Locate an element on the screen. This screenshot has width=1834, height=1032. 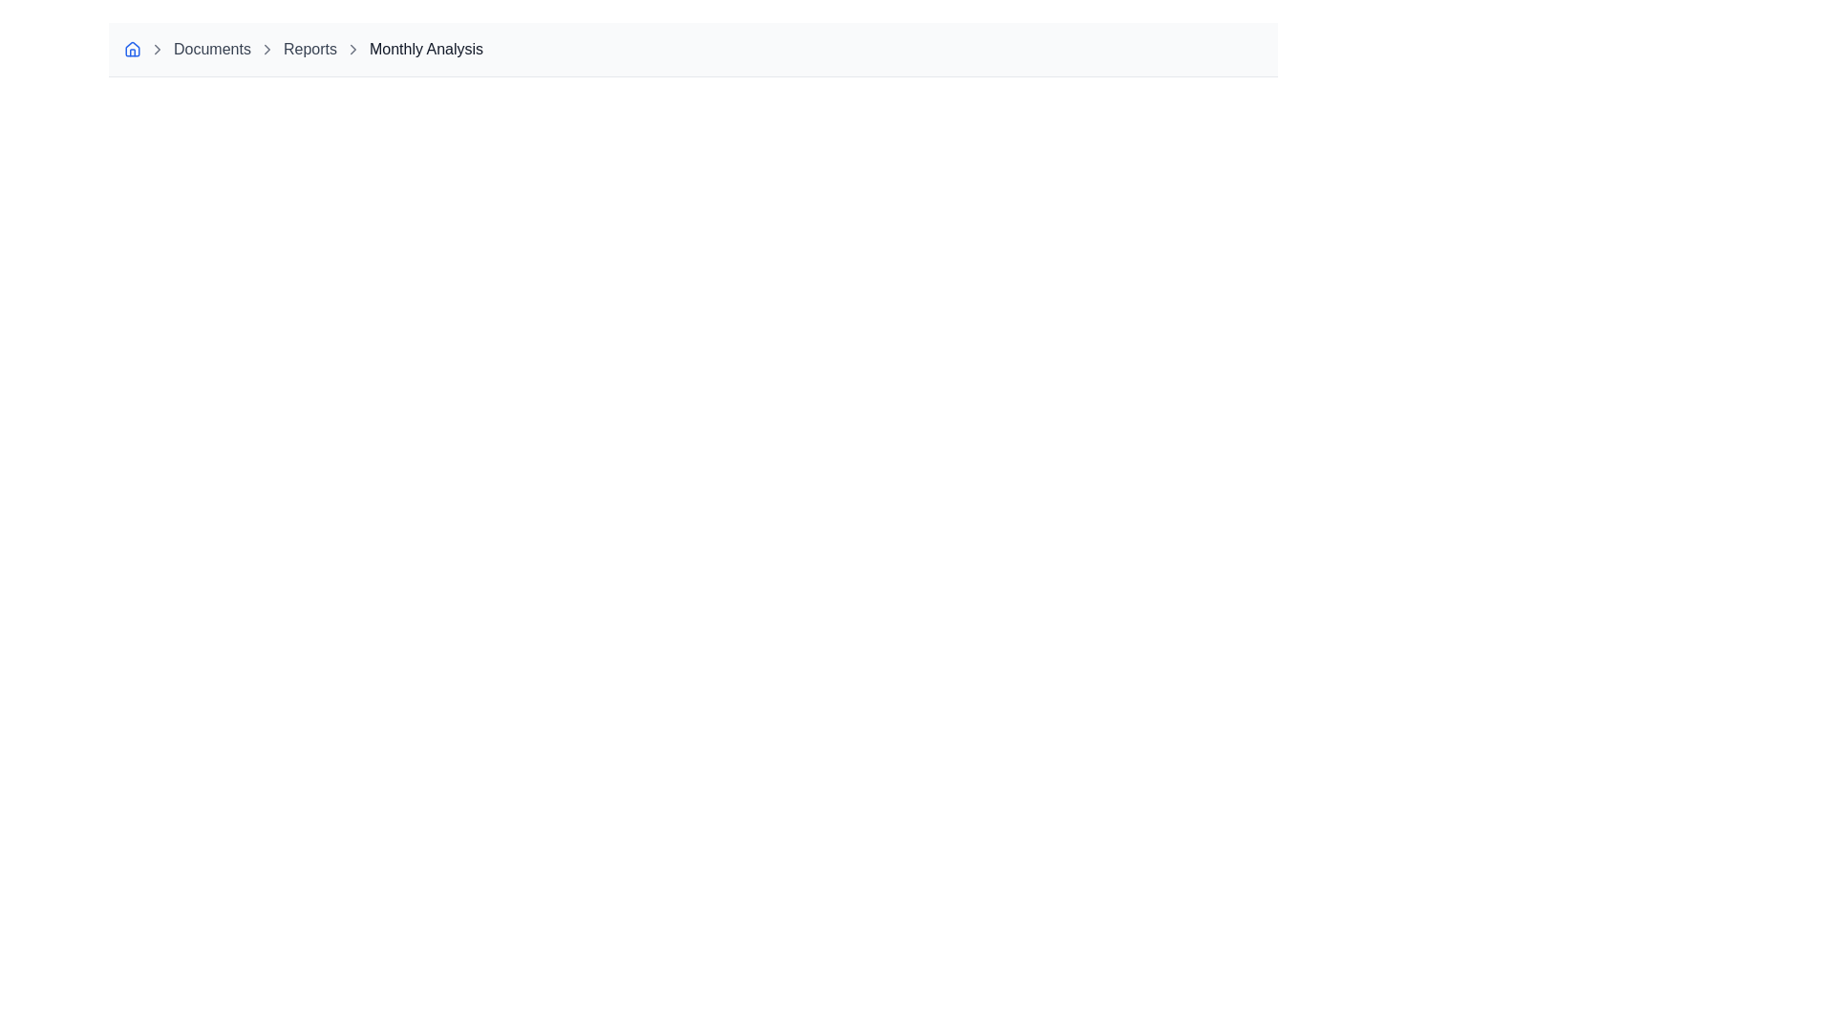
the chevron icon in the breadcrumb navigation that separates 'Documents' and 'Reports', providing directional context is located at coordinates (266, 48).